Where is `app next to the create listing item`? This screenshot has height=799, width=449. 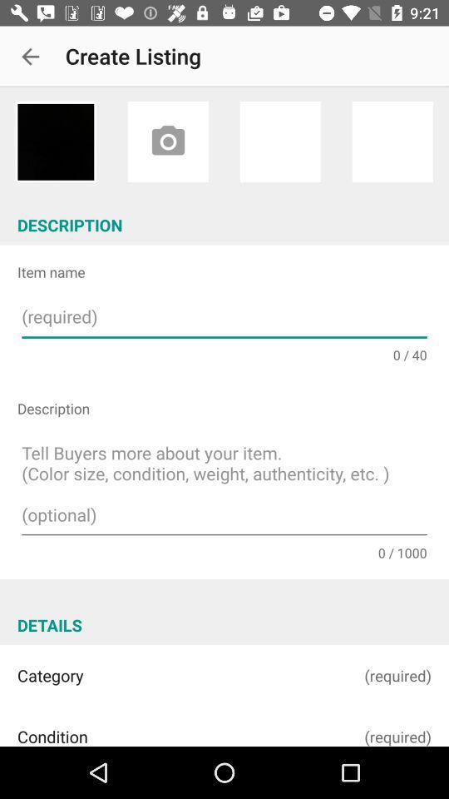
app next to the create listing item is located at coordinates (30, 57).